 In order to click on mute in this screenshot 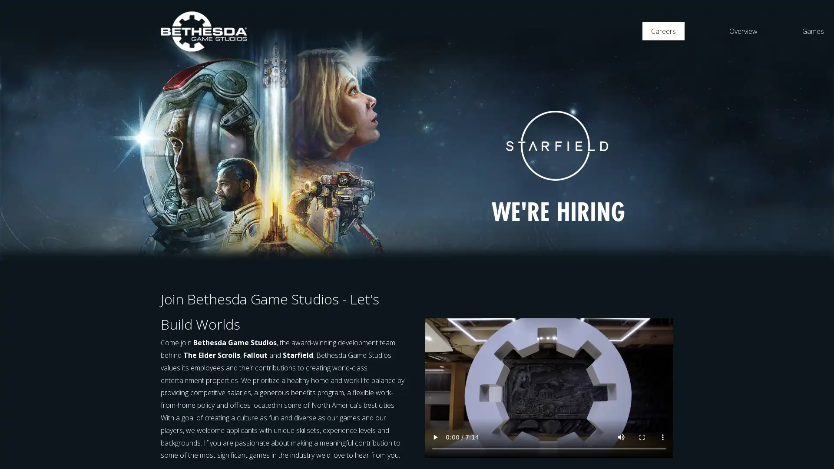, I will do `click(621, 437)`.